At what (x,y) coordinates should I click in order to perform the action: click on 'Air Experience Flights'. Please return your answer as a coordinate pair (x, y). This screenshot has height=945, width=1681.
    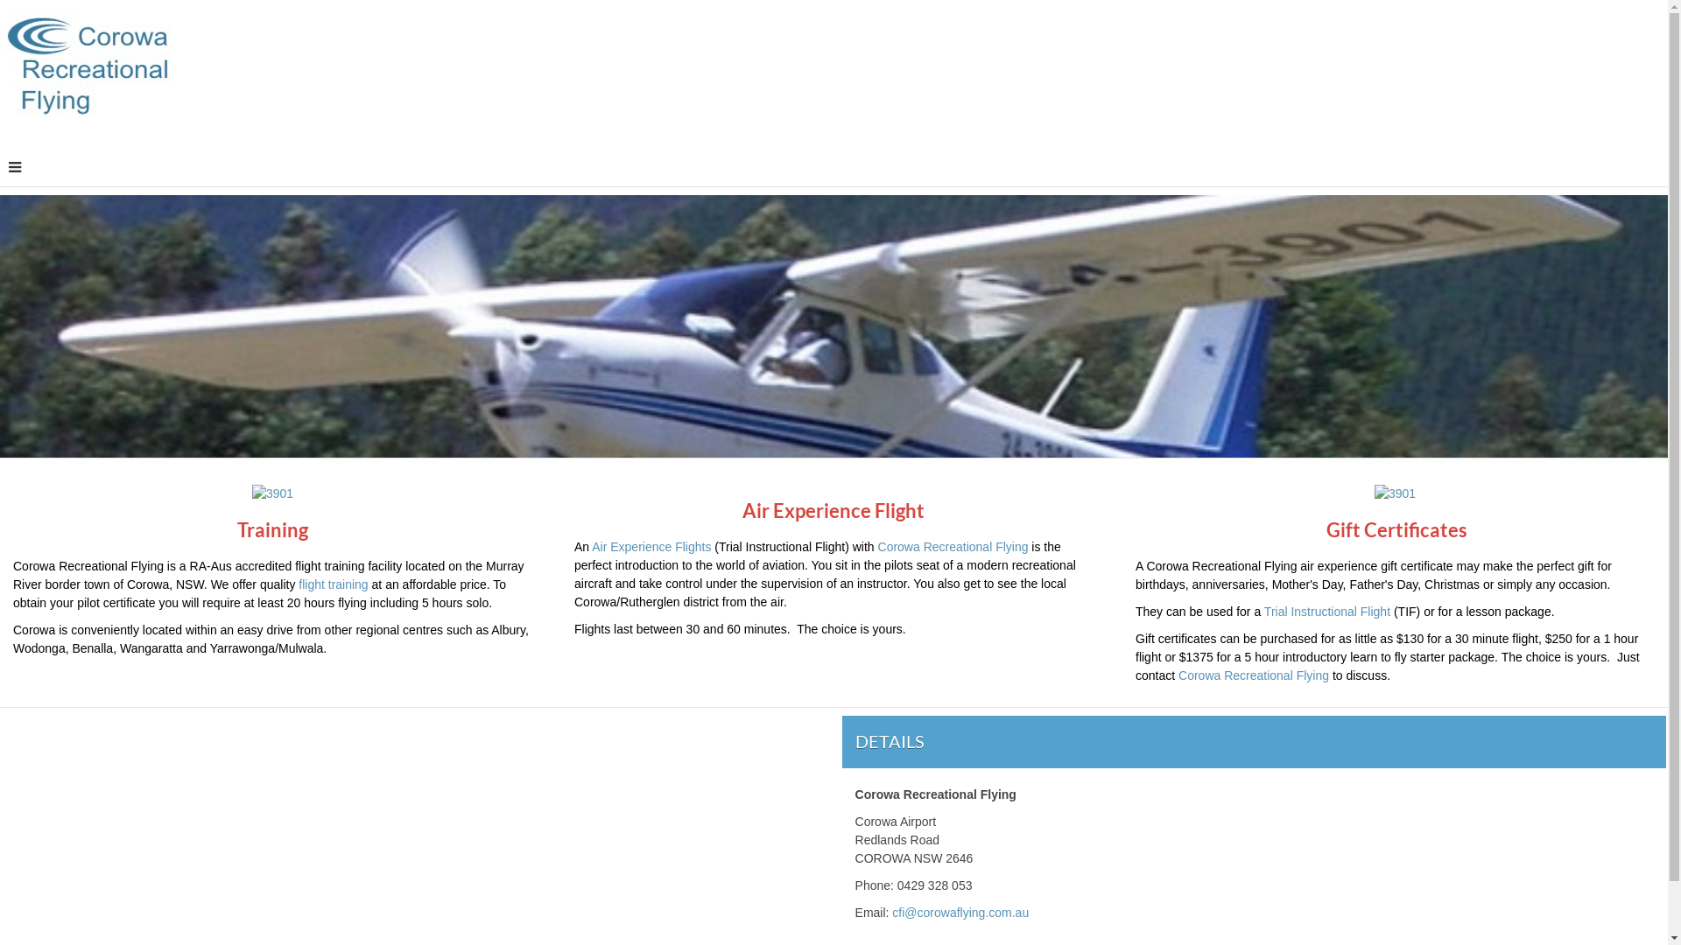
    Looking at the image, I should click on (651, 545).